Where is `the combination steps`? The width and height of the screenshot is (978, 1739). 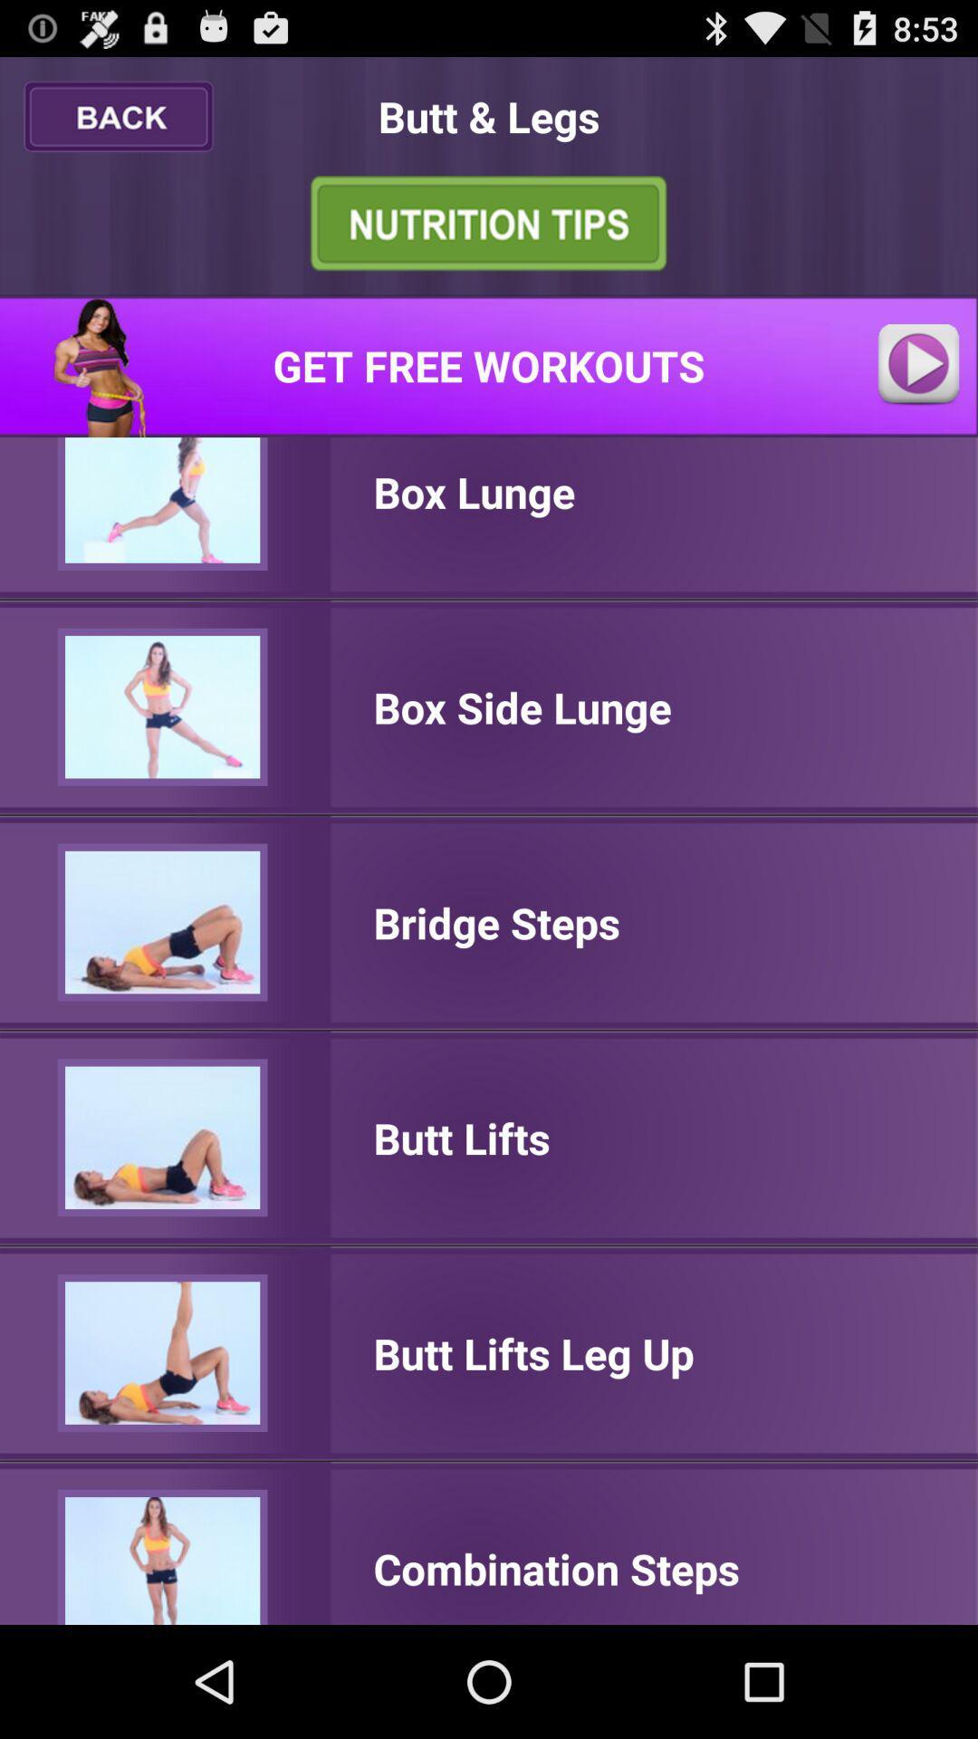 the combination steps is located at coordinates (555, 1568).